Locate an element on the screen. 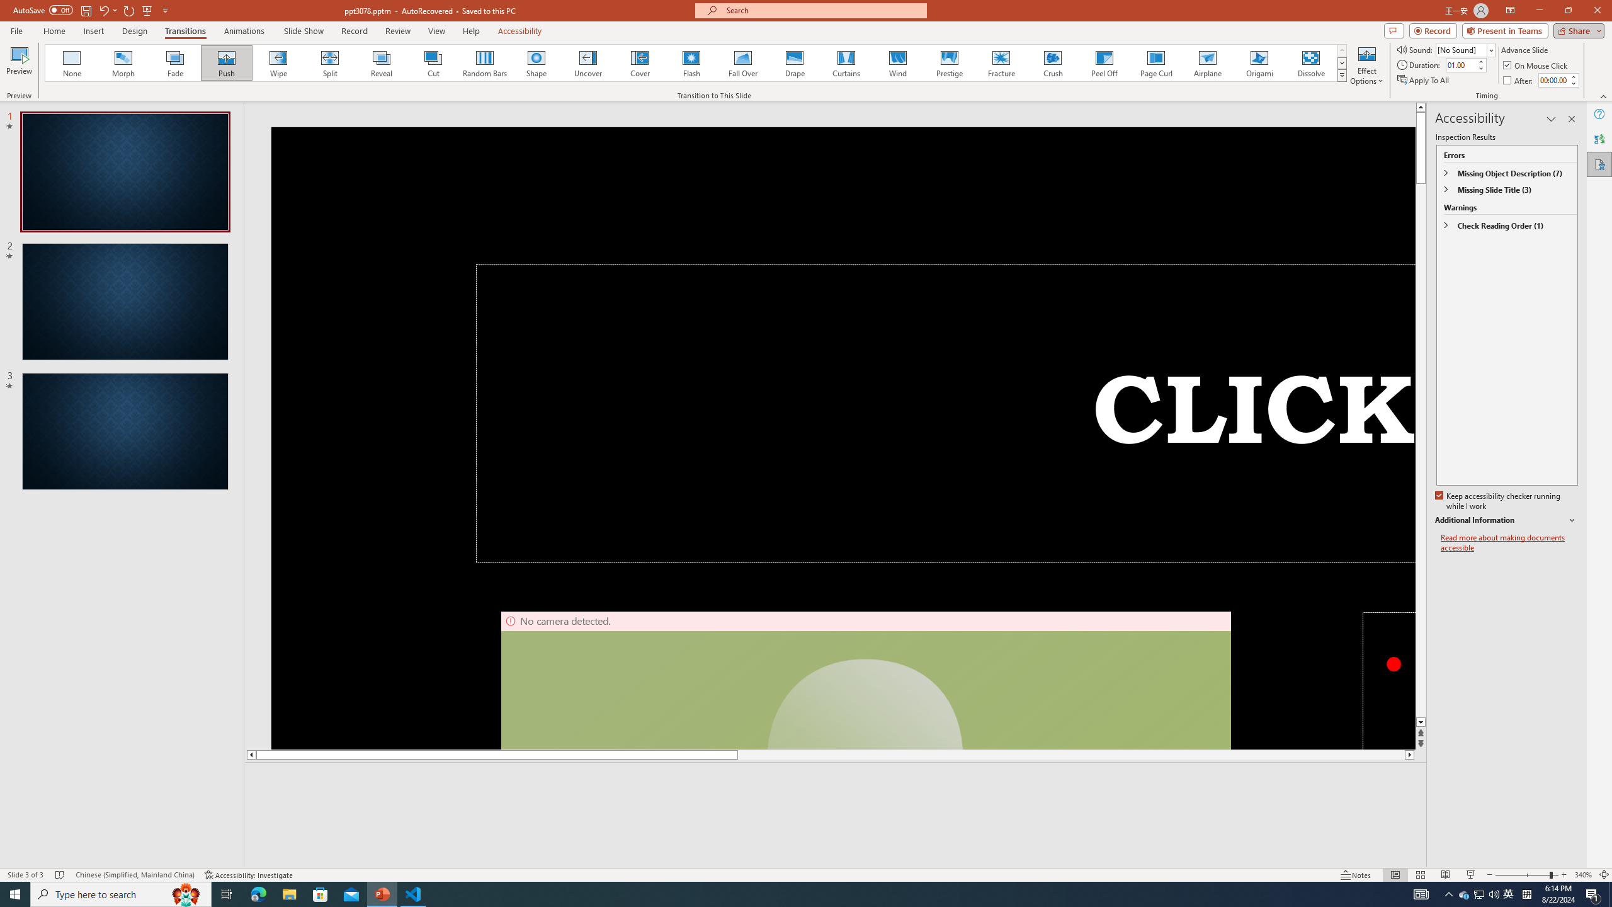 Image resolution: width=1612 pixels, height=907 pixels. 'Page Curl' is located at coordinates (1155, 62).